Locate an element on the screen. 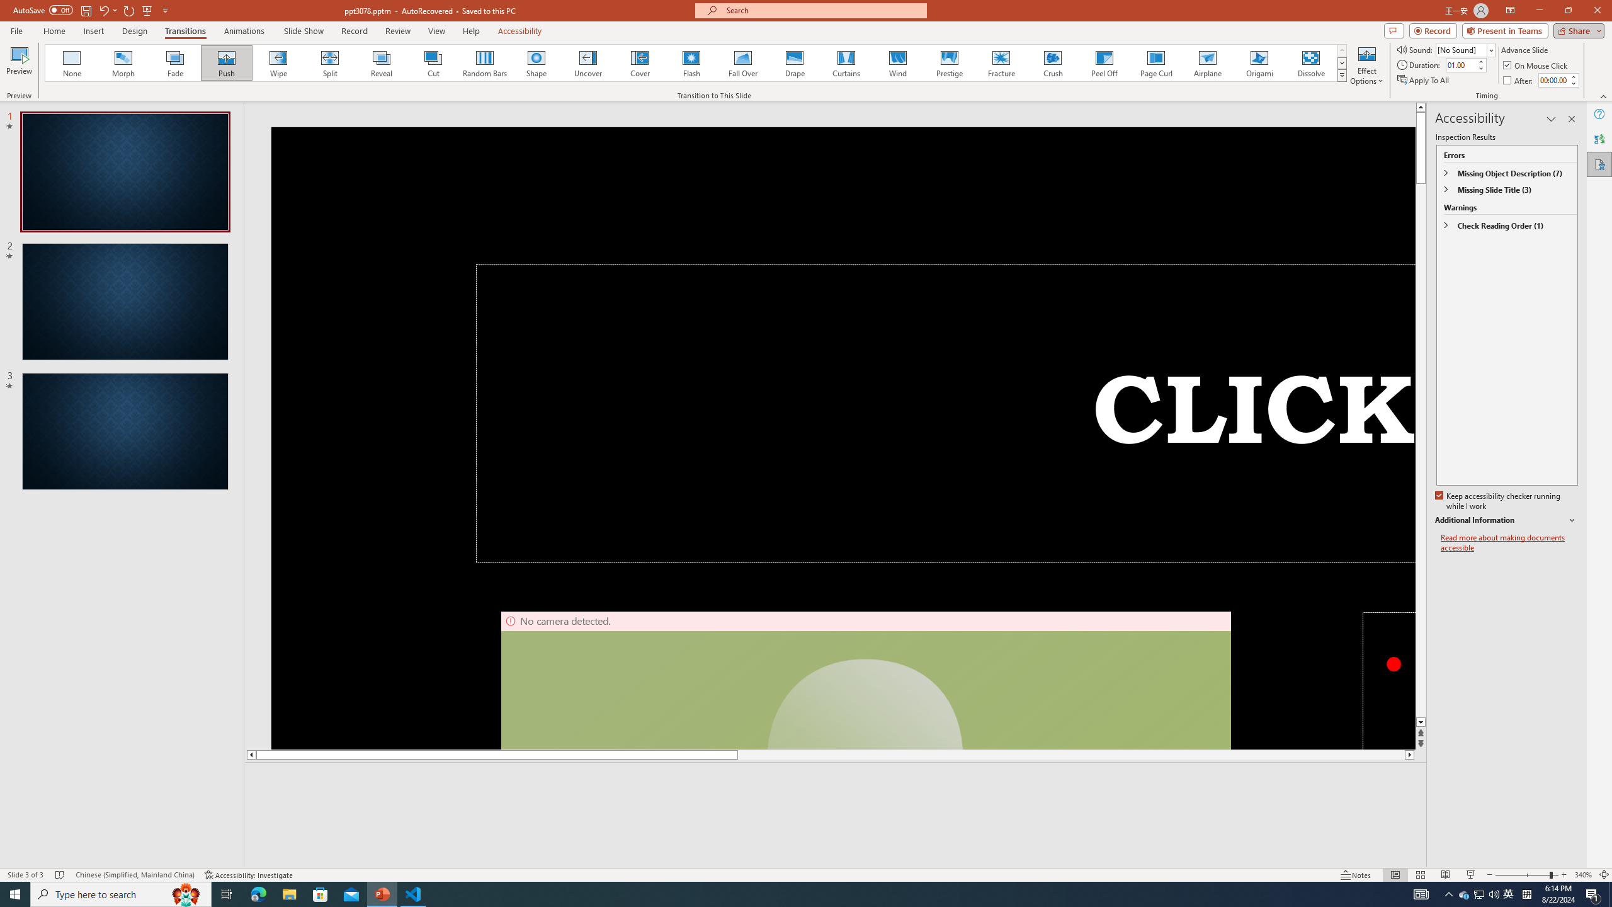 Image resolution: width=1612 pixels, height=907 pixels. 'Page Curl' is located at coordinates (1155, 62).